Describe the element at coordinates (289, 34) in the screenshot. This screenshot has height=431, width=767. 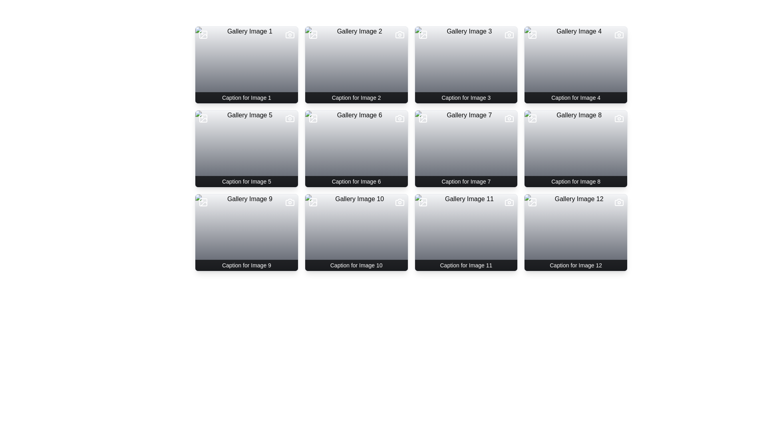
I see `the camera icon located at the top right corner of the card labeled 'Gallery Image 1', which is a small, white icon within a grayish area` at that location.